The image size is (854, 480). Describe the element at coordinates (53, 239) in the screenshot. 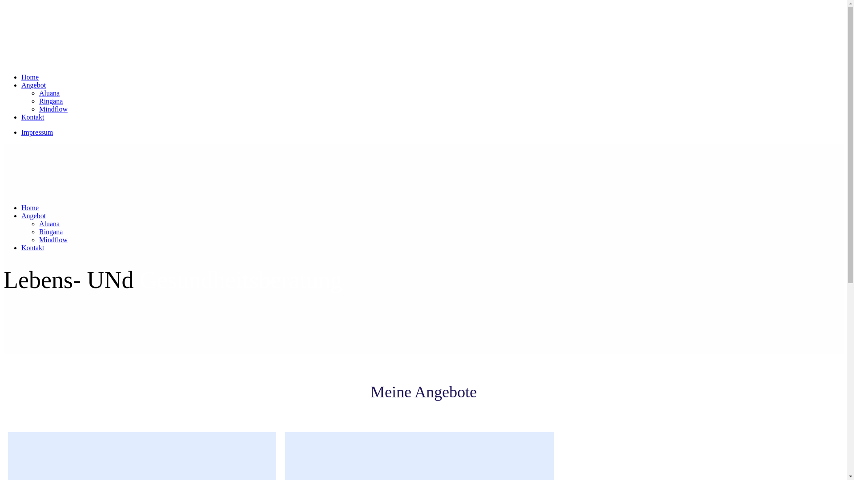

I see `'Mindflow'` at that location.